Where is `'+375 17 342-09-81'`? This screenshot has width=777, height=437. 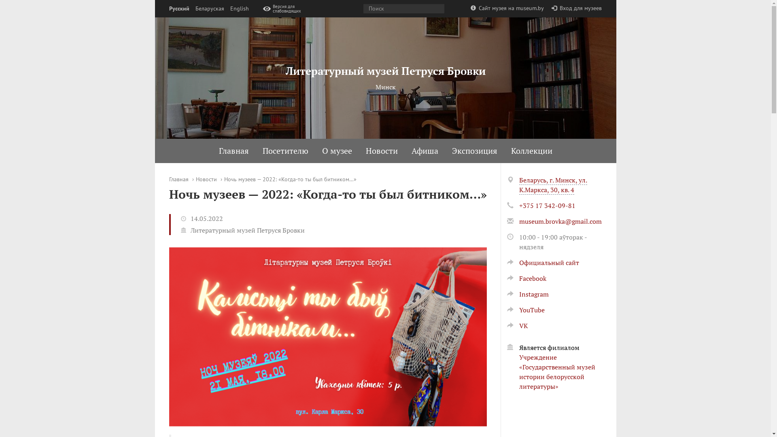
'+375 17 342-09-81' is located at coordinates (547, 205).